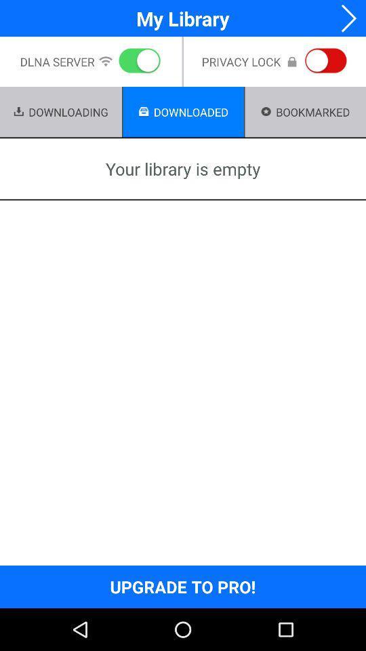  I want to click on the arrow_forward icon, so click(344, 19).